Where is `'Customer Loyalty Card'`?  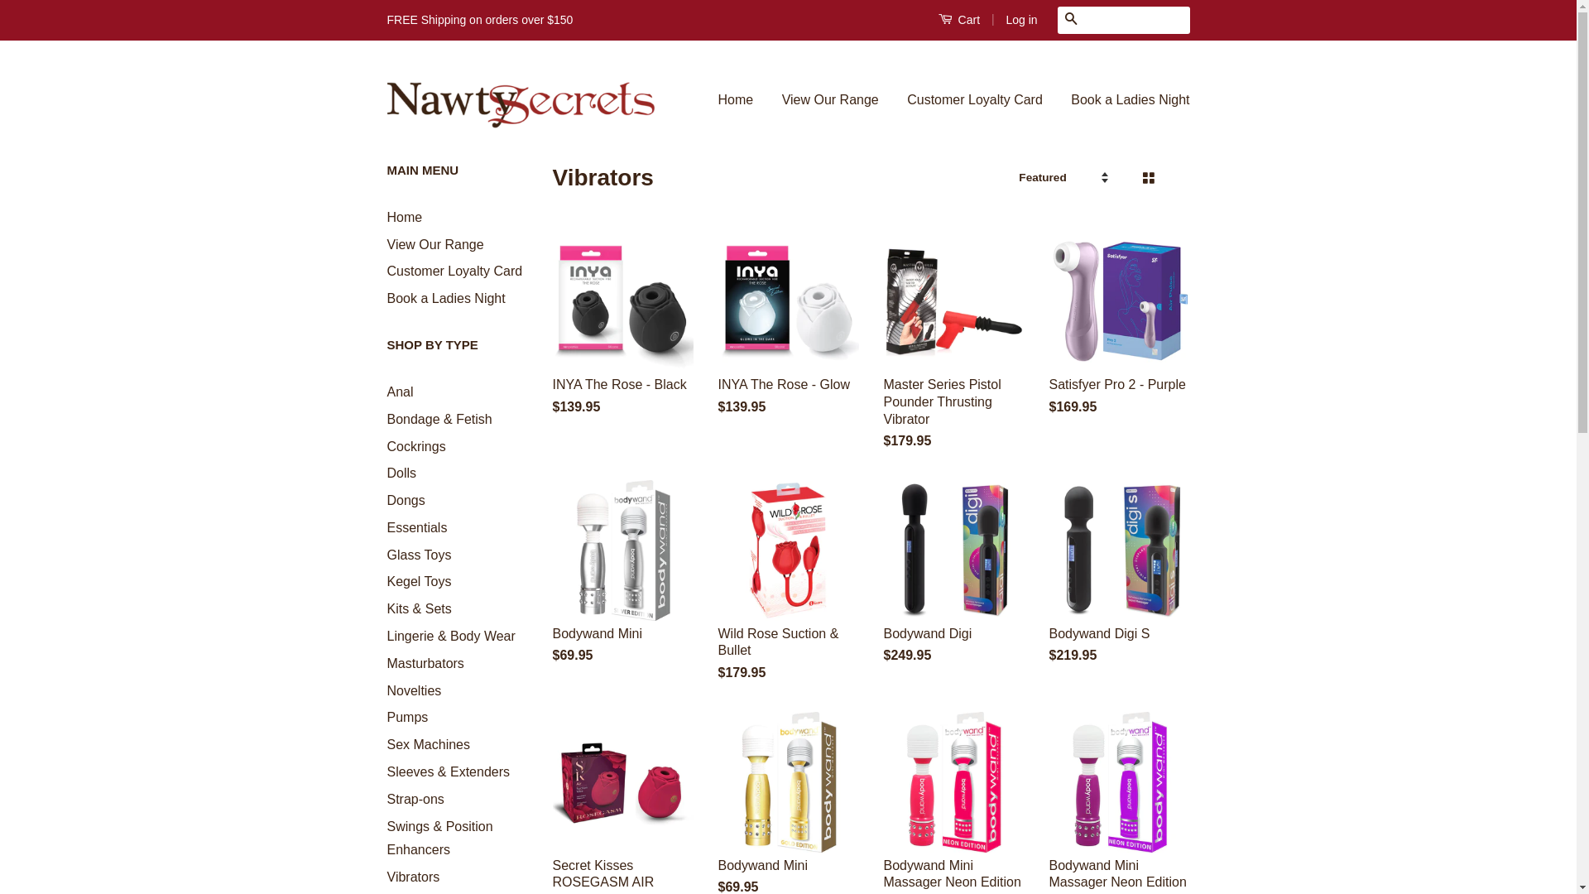
'Customer Loyalty Card' is located at coordinates (974, 100).